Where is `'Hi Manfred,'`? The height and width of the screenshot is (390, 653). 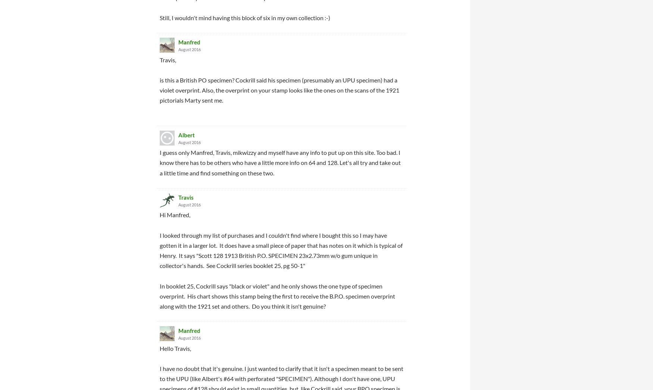 'Hi Manfred,' is located at coordinates (175, 215).